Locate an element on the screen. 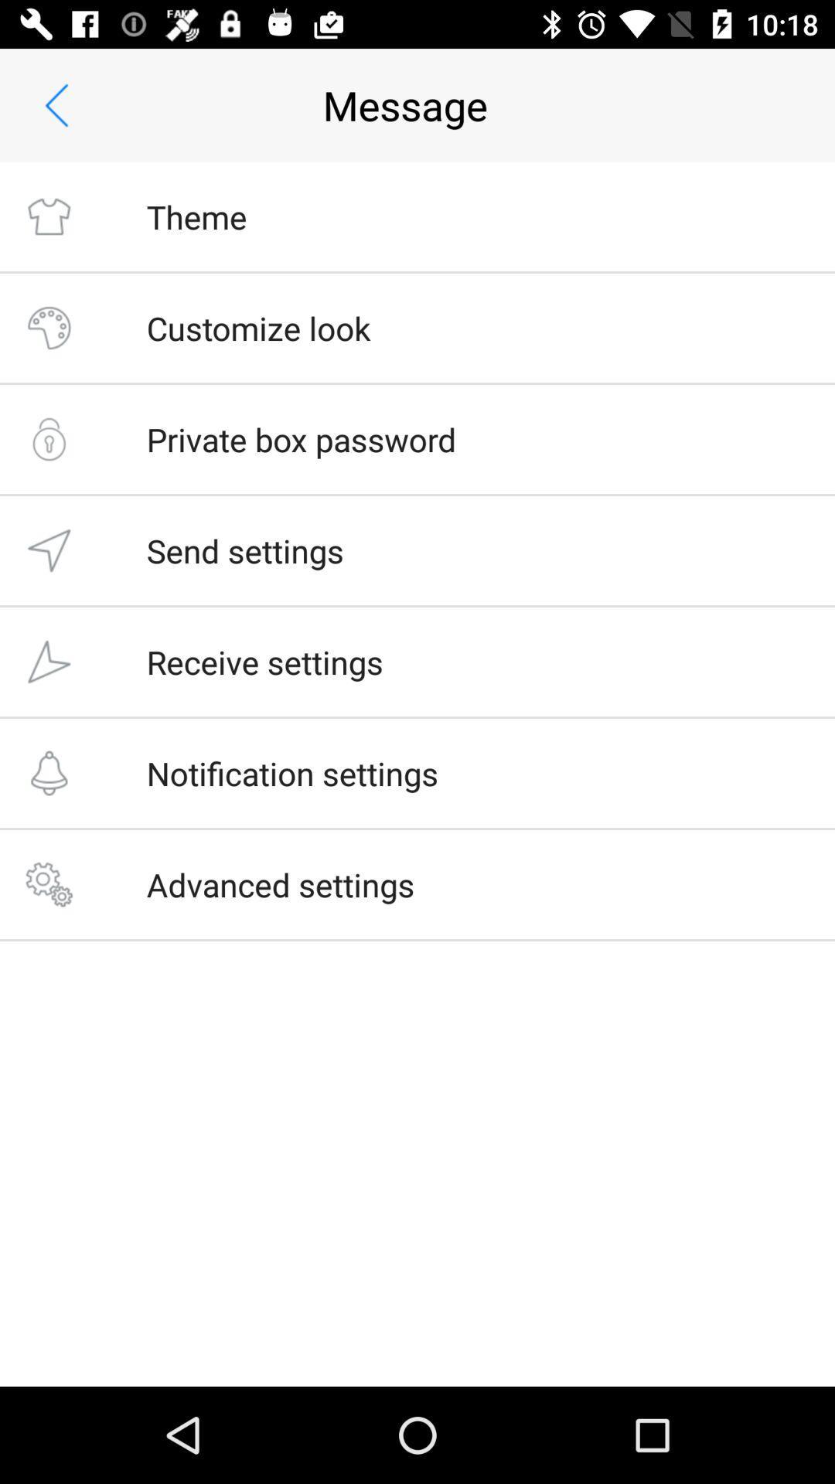 The image size is (835, 1484). the icon above the notification settings icon is located at coordinates (264, 662).